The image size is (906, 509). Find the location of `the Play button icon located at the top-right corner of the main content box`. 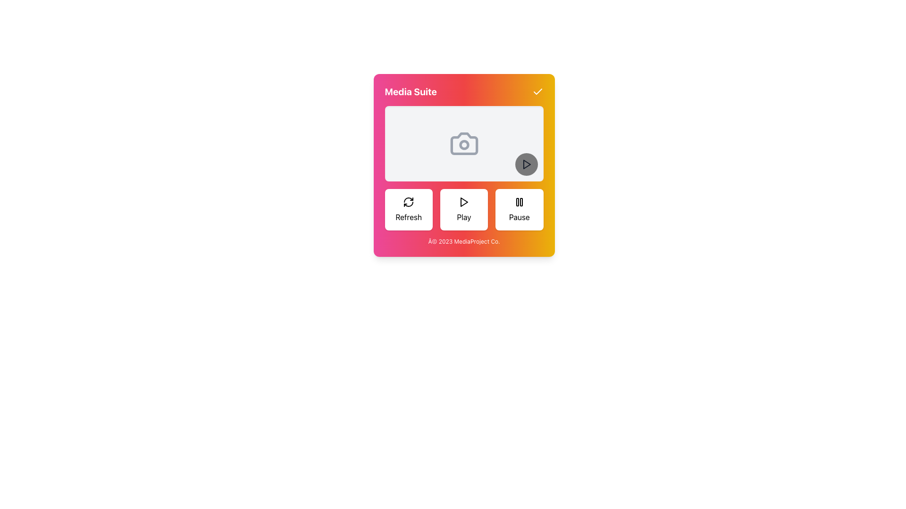

the Play button icon located at the top-right corner of the main content box is located at coordinates (526, 164).